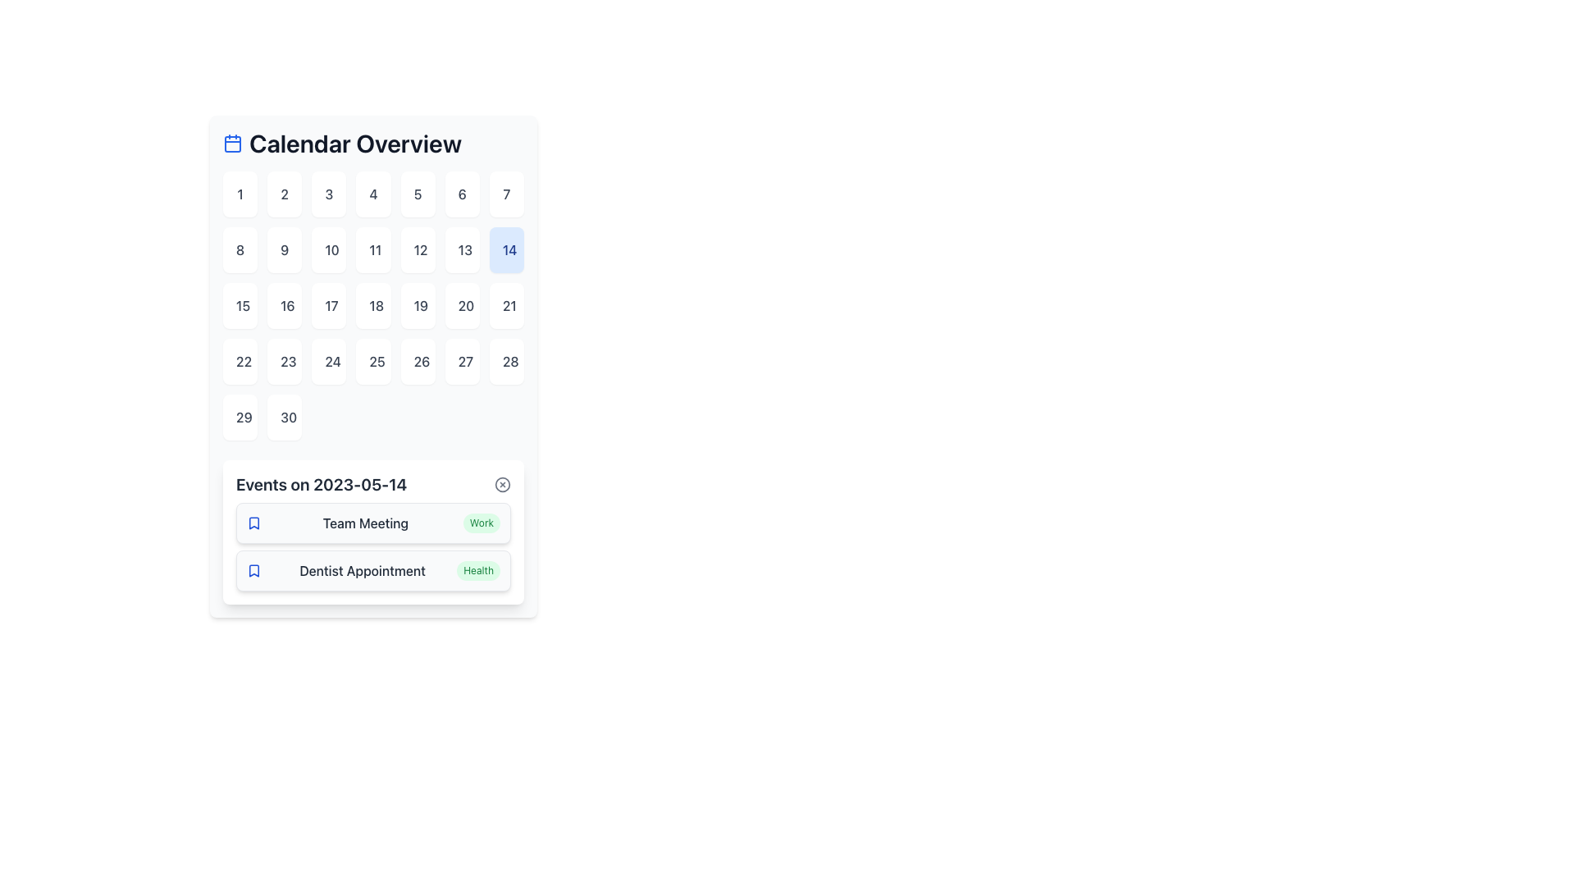  Describe the element at coordinates (239, 249) in the screenshot. I see `the square button with a centered '8' in dark text, located in the second row, first column of the grid under 'Calendar Overview'` at that location.